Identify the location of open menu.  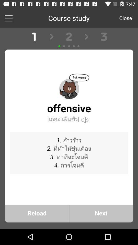
(8, 18).